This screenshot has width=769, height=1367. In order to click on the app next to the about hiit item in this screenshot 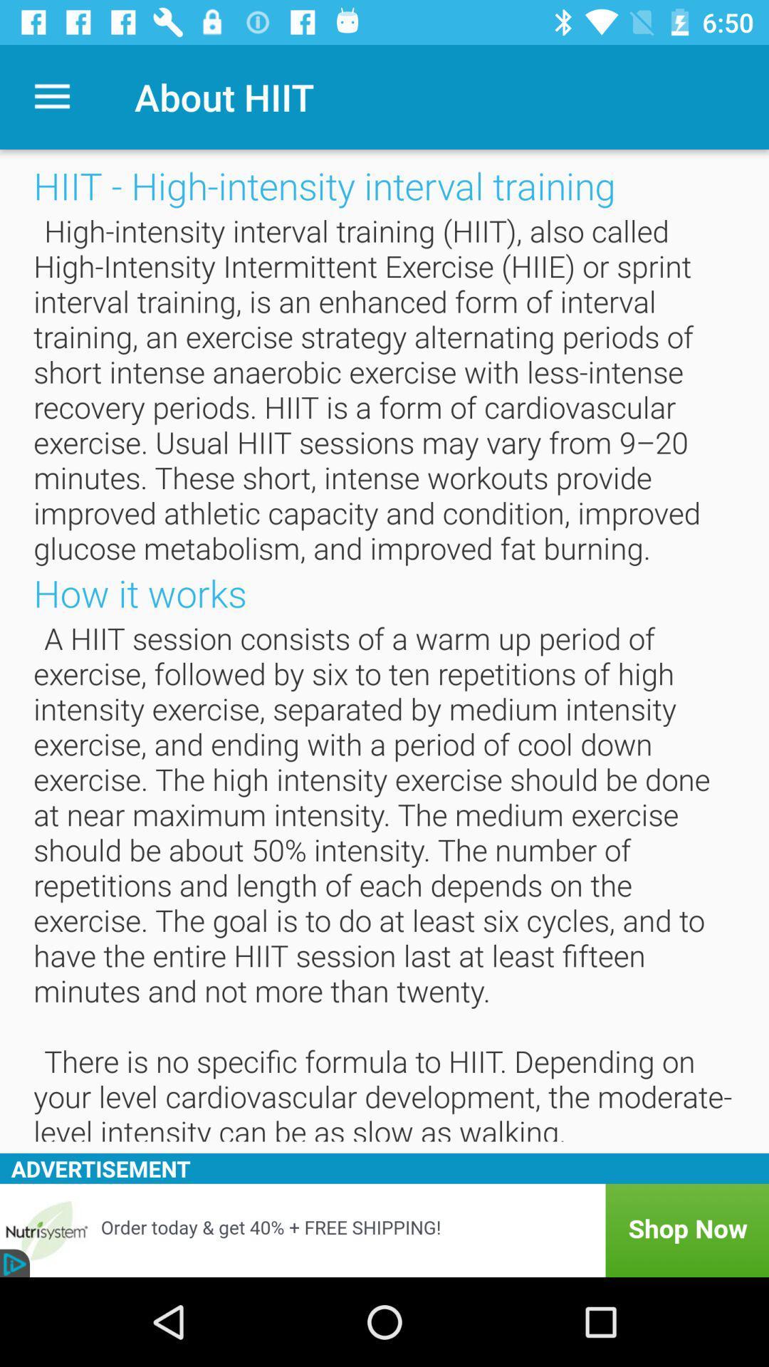, I will do `click(51, 96)`.